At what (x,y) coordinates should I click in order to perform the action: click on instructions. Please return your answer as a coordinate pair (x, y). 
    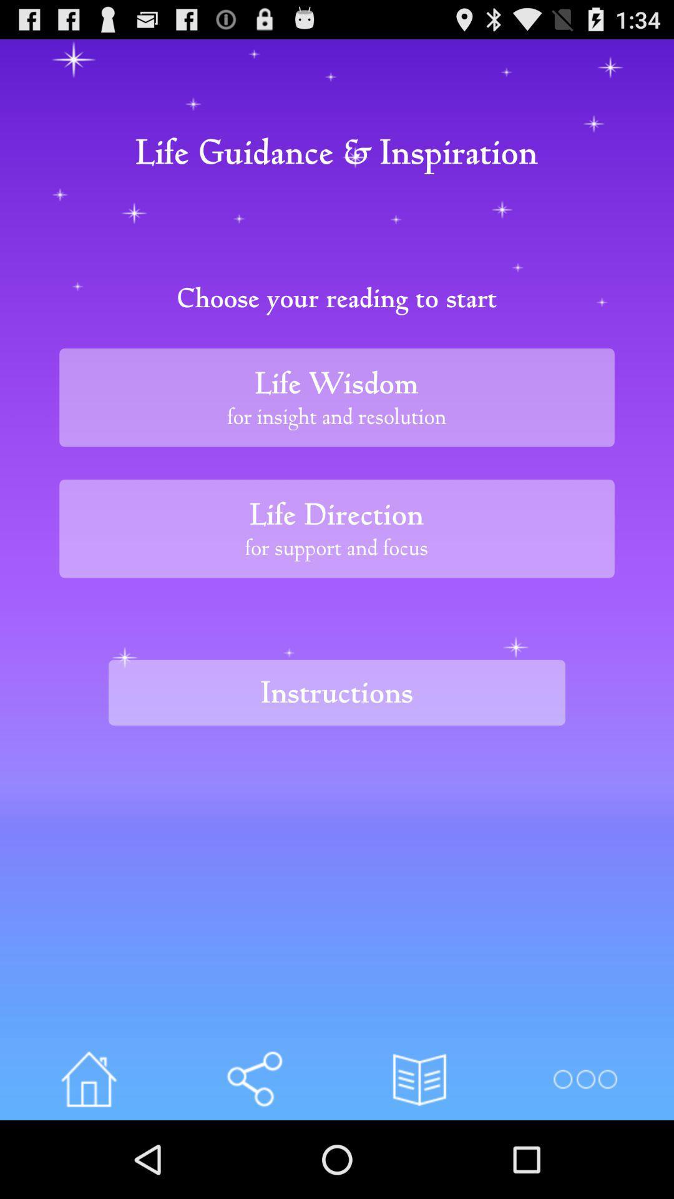
    Looking at the image, I should click on (337, 692).